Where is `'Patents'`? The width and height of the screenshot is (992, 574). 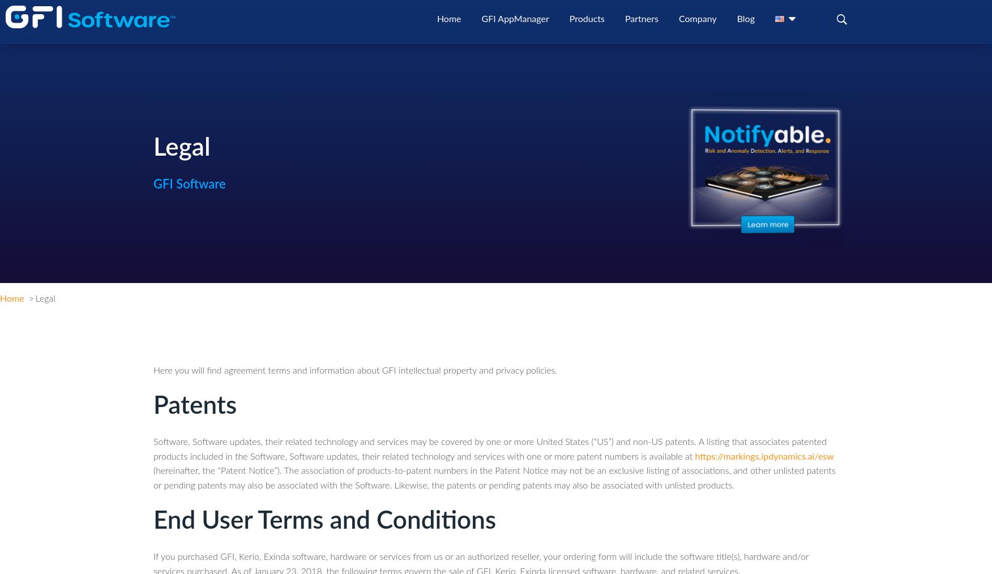
'Patents' is located at coordinates (195, 406).